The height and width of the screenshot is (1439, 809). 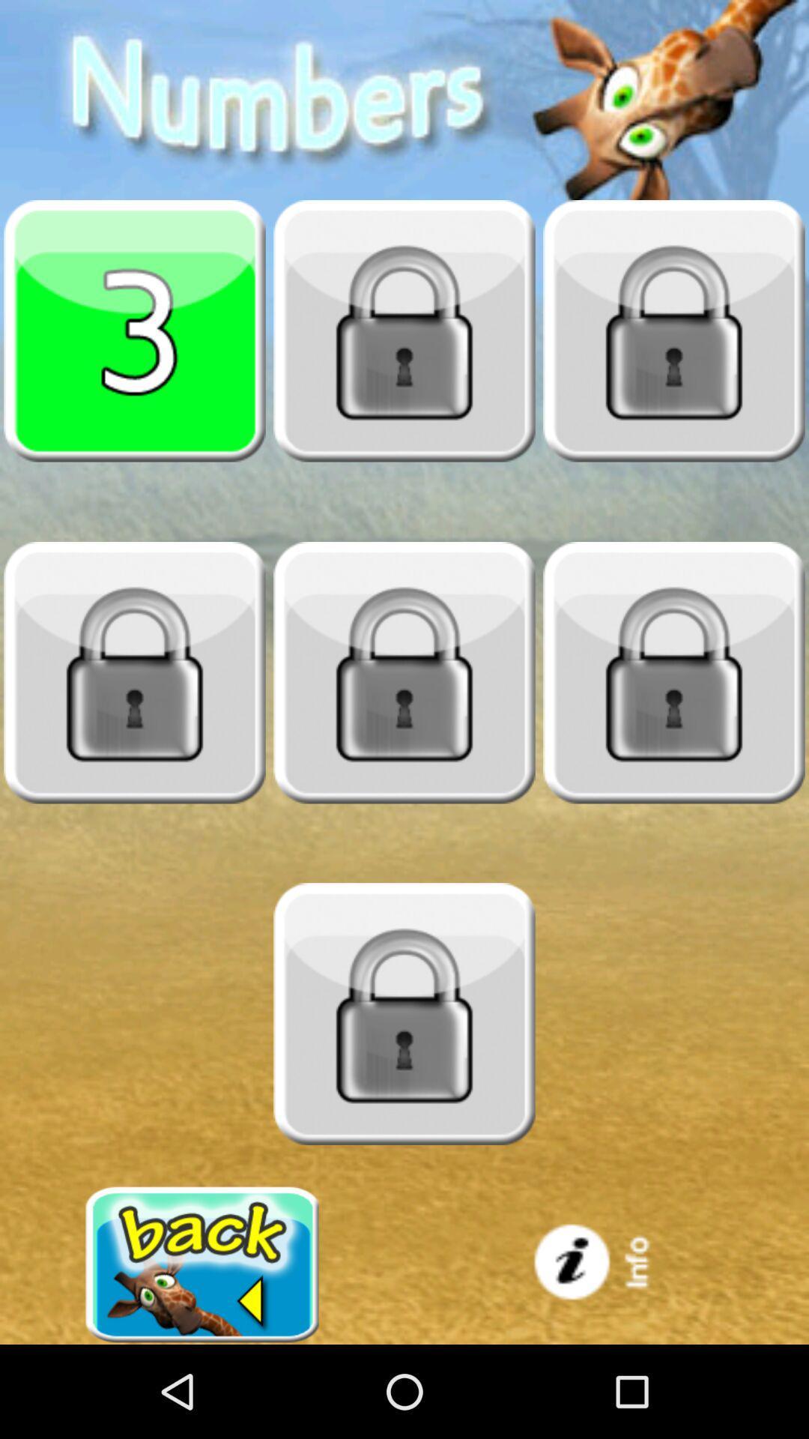 What do you see at coordinates (202, 1264) in the screenshot?
I see `go back` at bounding box center [202, 1264].